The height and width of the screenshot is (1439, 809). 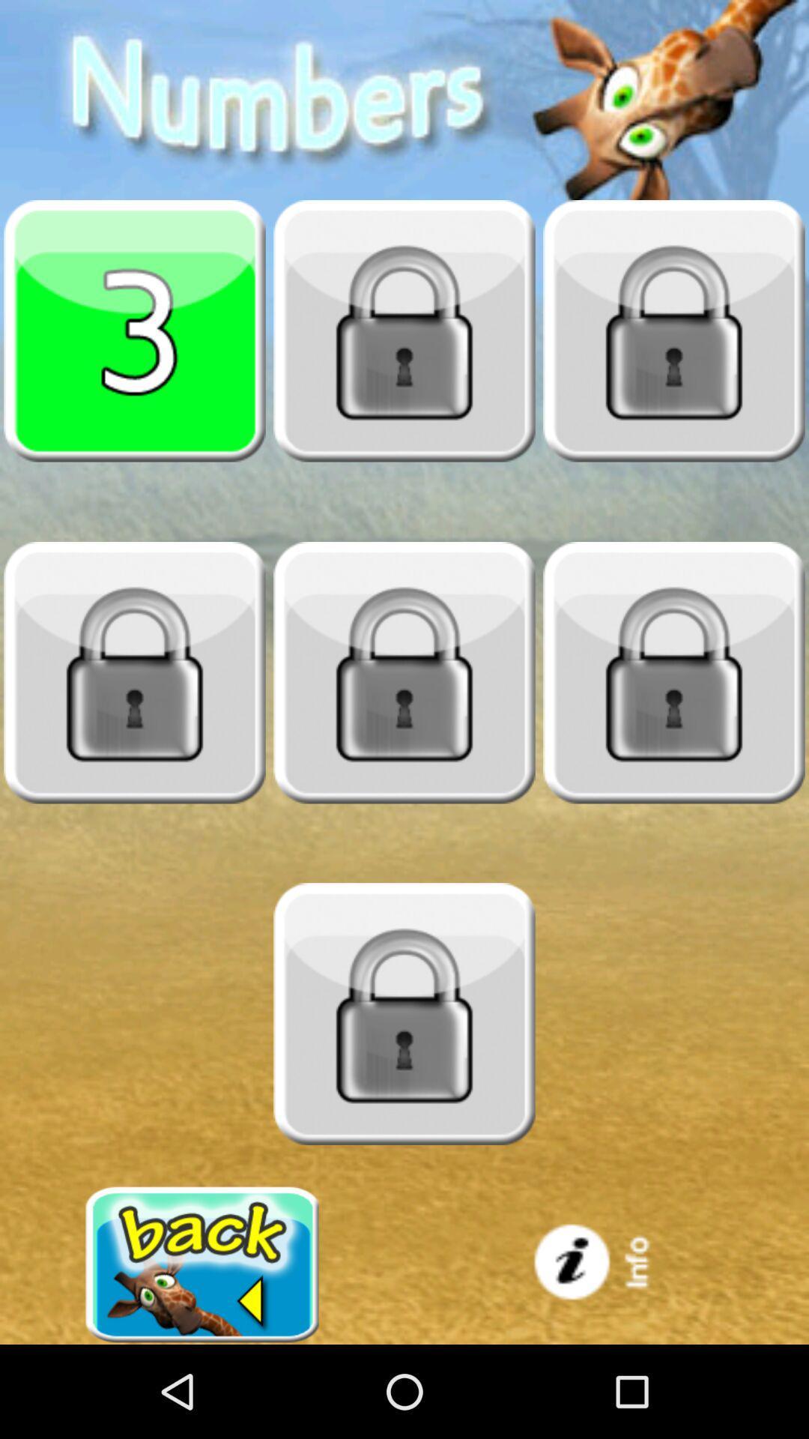 What do you see at coordinates (202, 1264) in the screenshot?
I see `go back` at bounding box center [202, 1264].